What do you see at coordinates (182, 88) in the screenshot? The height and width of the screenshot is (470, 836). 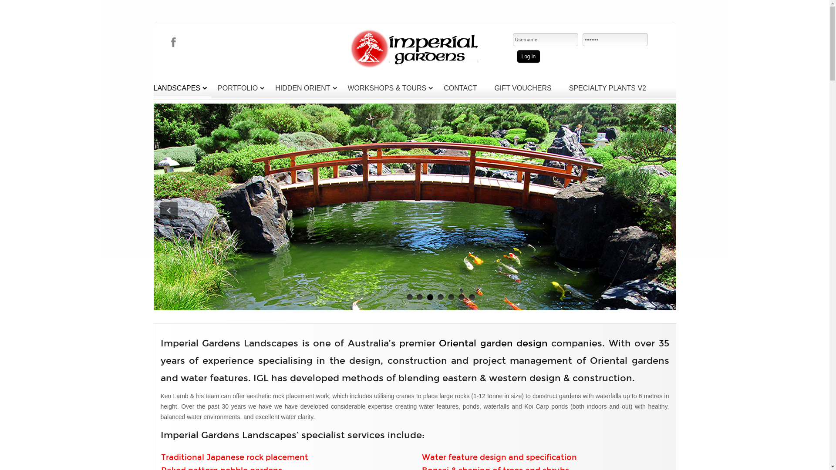 I see `'LANDSCAPES'` at bounding box center [182, 88].